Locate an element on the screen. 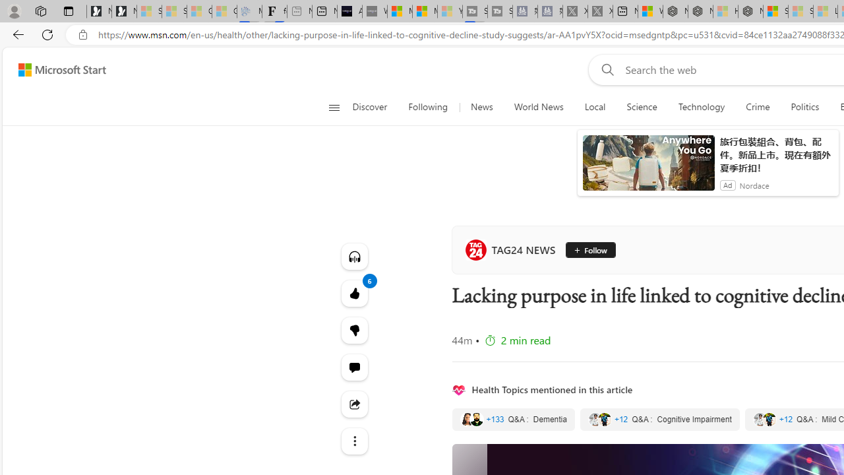 The width and height of the screenshot is (844, 475). 'Cognitive Impairment' is located at coordinates (659, 420).